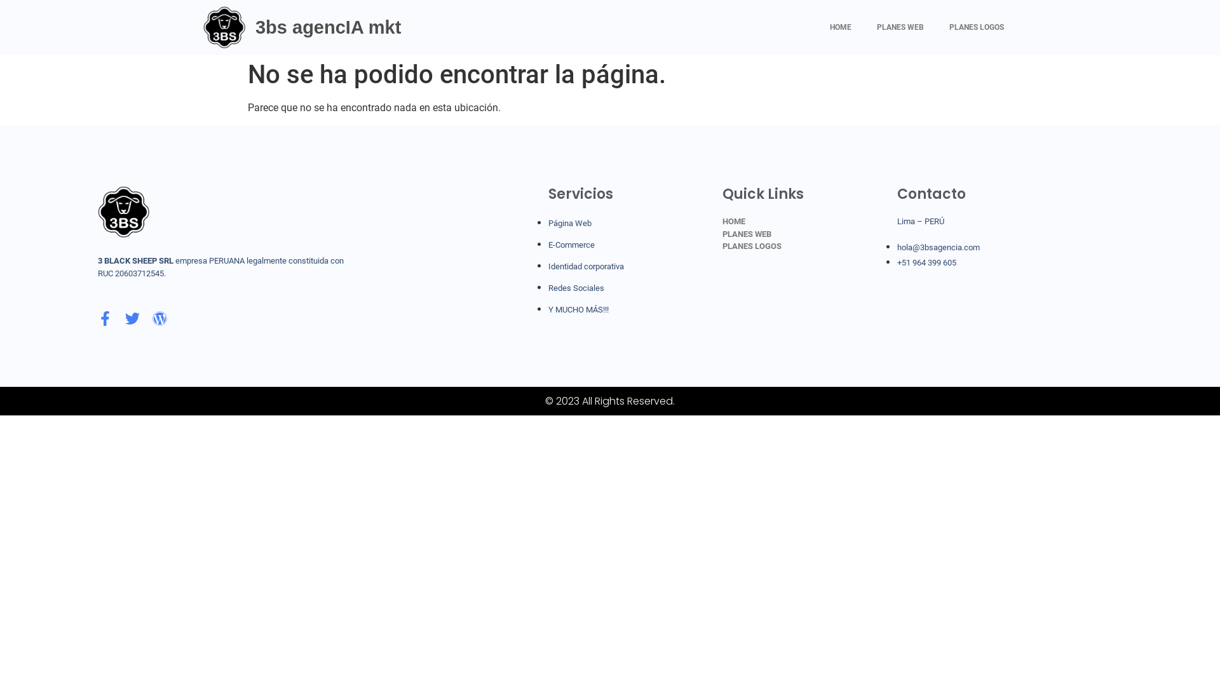 This screenshot has height=686, width=1220. Describe the element at coordinates (939, 247) in the screenshot. I see `'hola@3bsagencia.com'` at that location.